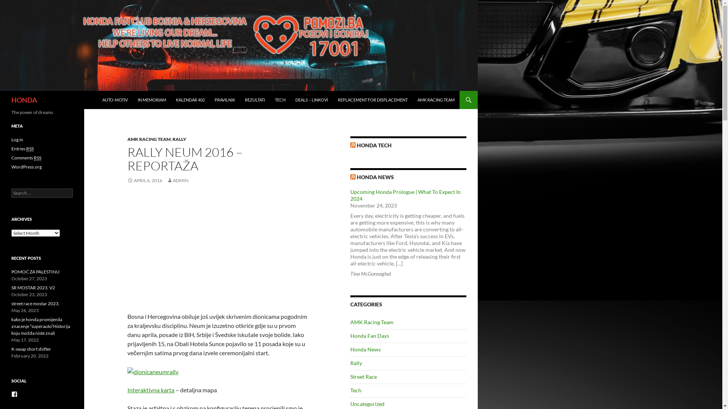  What do you see at coordinates (115, 99) in the screenshot?
I see `'AUTO-MOTIV'` at bounding box center [115, 99].